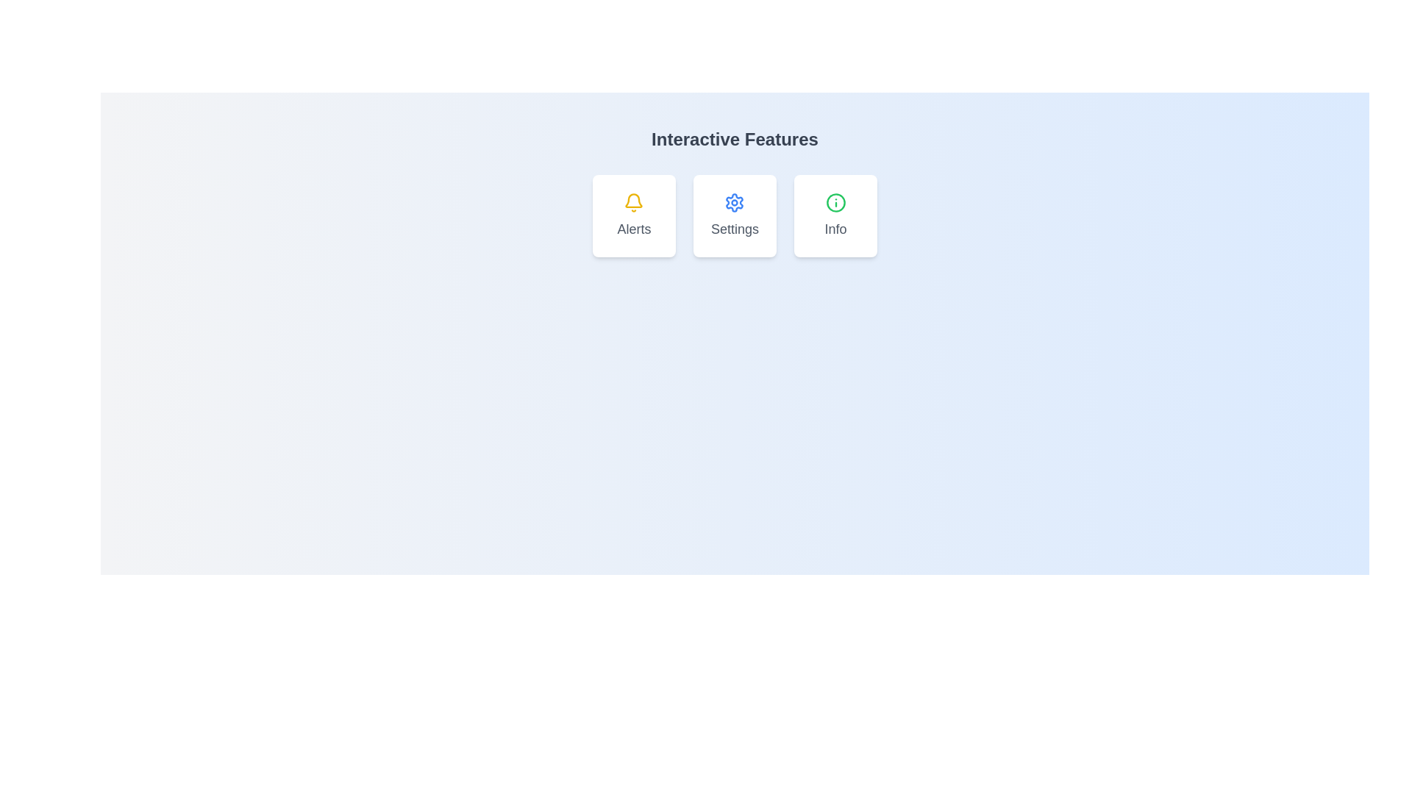 The image size is (1412, 794). Describe the element at coordinates (735, 229) in the screenshot. I see `the 'Settings' text label, which is prominently displayed in gray with a medium-weight font, located in the second rounded white background card from the left` at that location.